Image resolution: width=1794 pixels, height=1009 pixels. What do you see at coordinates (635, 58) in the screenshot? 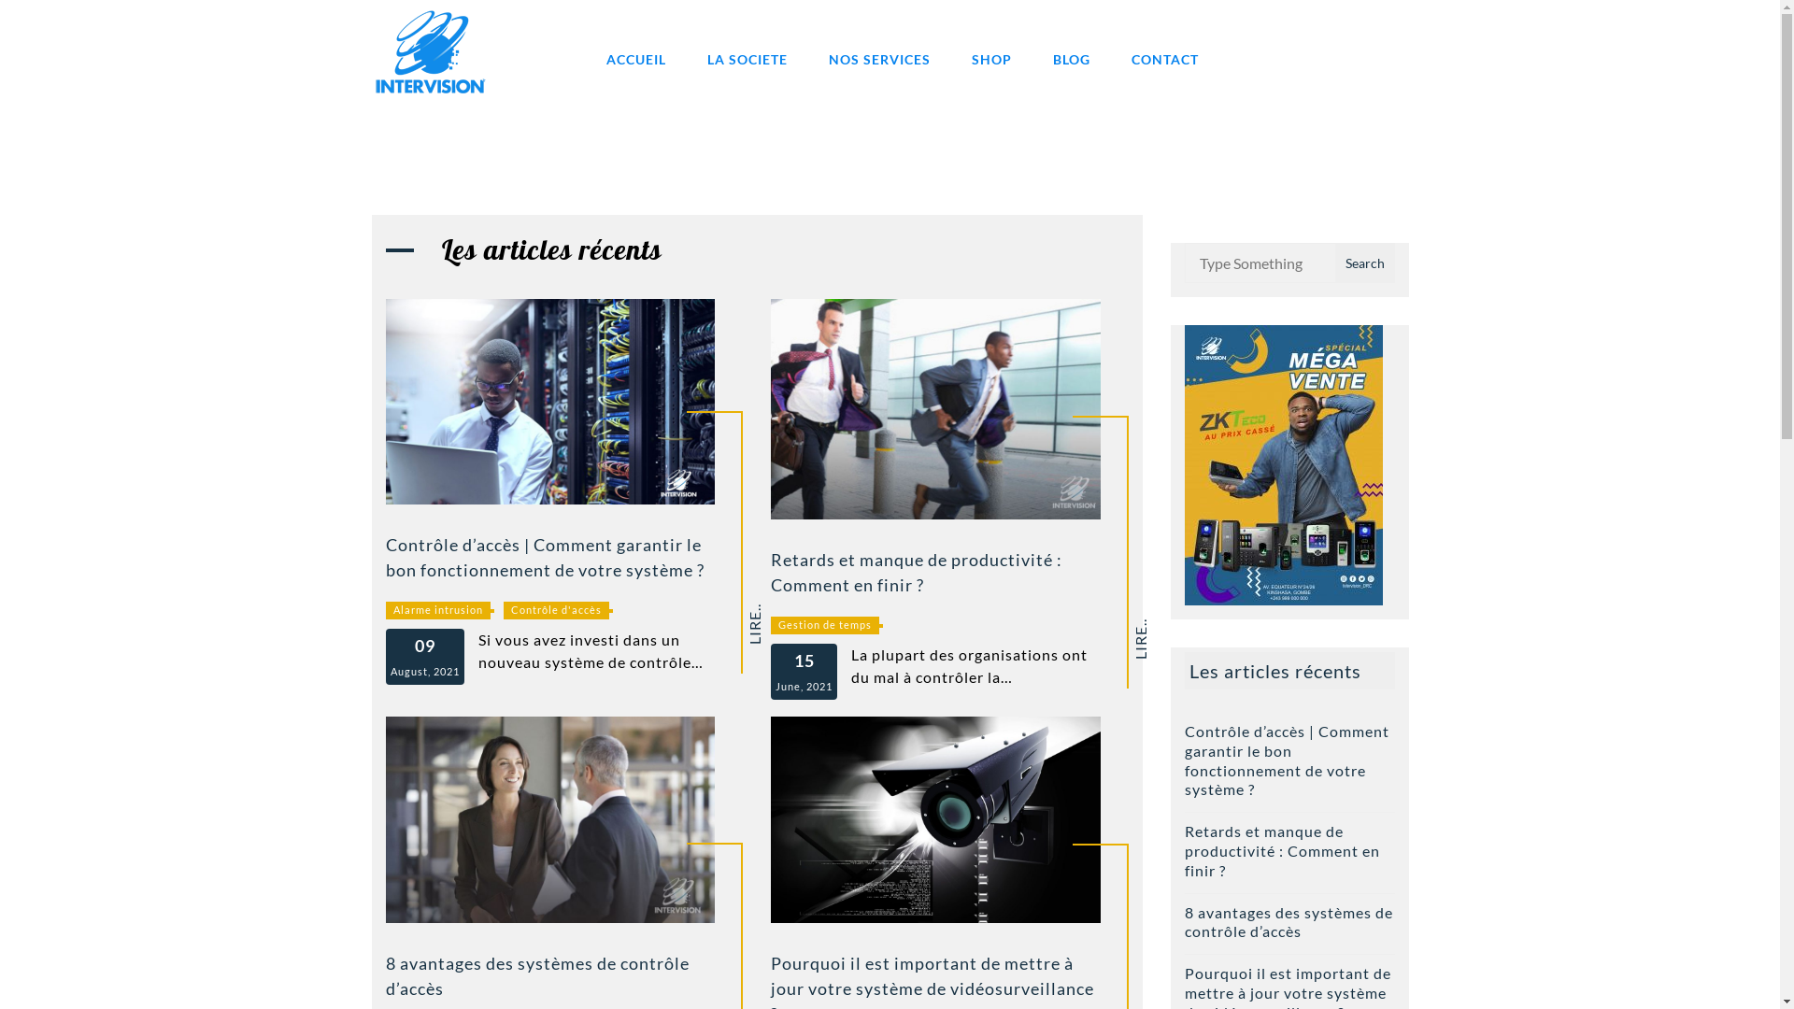
I see `'ACCUEIL'` at bounding box center [635, 58].